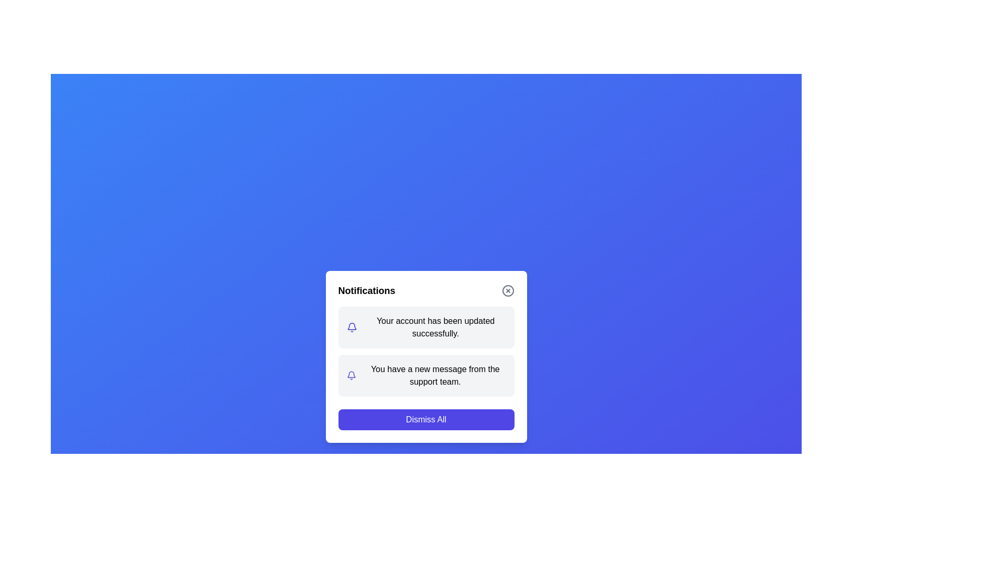 Image resolution: width=1006 pixels, height=566 pixels. Describe the element at coordinates (367, 291) in the screenshot. I see `the title text label at the top of the notifications popup, which serves as a static header for the dialog` at that location.